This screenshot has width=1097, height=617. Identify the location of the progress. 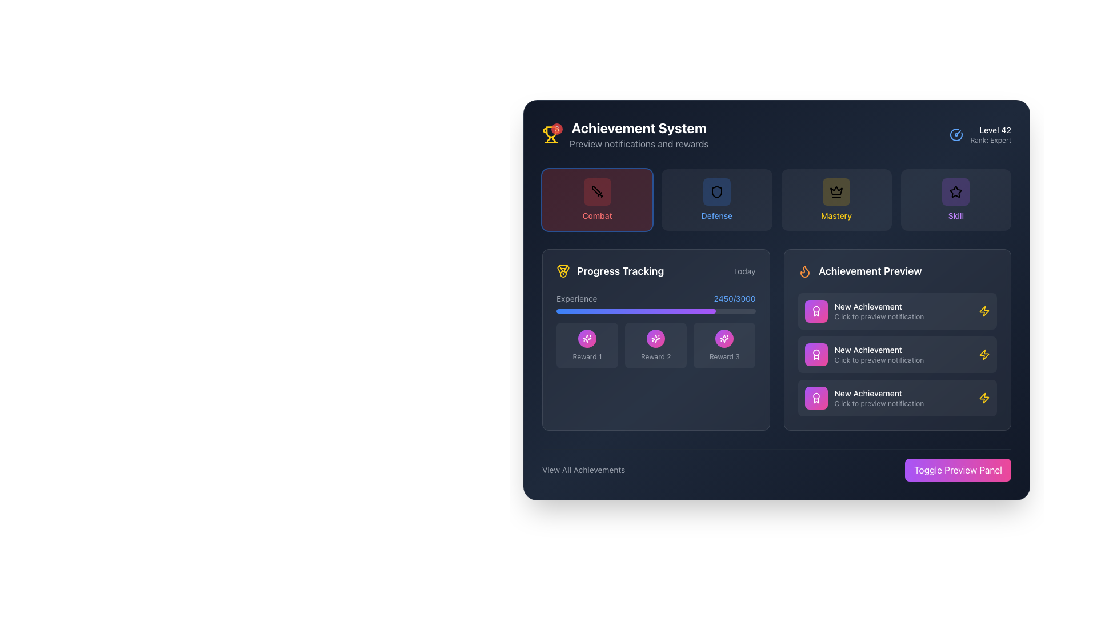
(627, 311).